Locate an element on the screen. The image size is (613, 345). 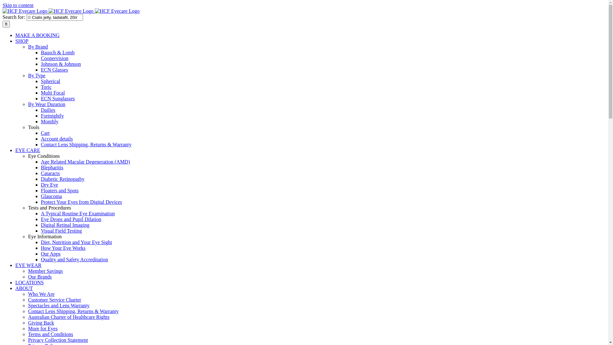
'By Type' is located at coordinates (27, 75).